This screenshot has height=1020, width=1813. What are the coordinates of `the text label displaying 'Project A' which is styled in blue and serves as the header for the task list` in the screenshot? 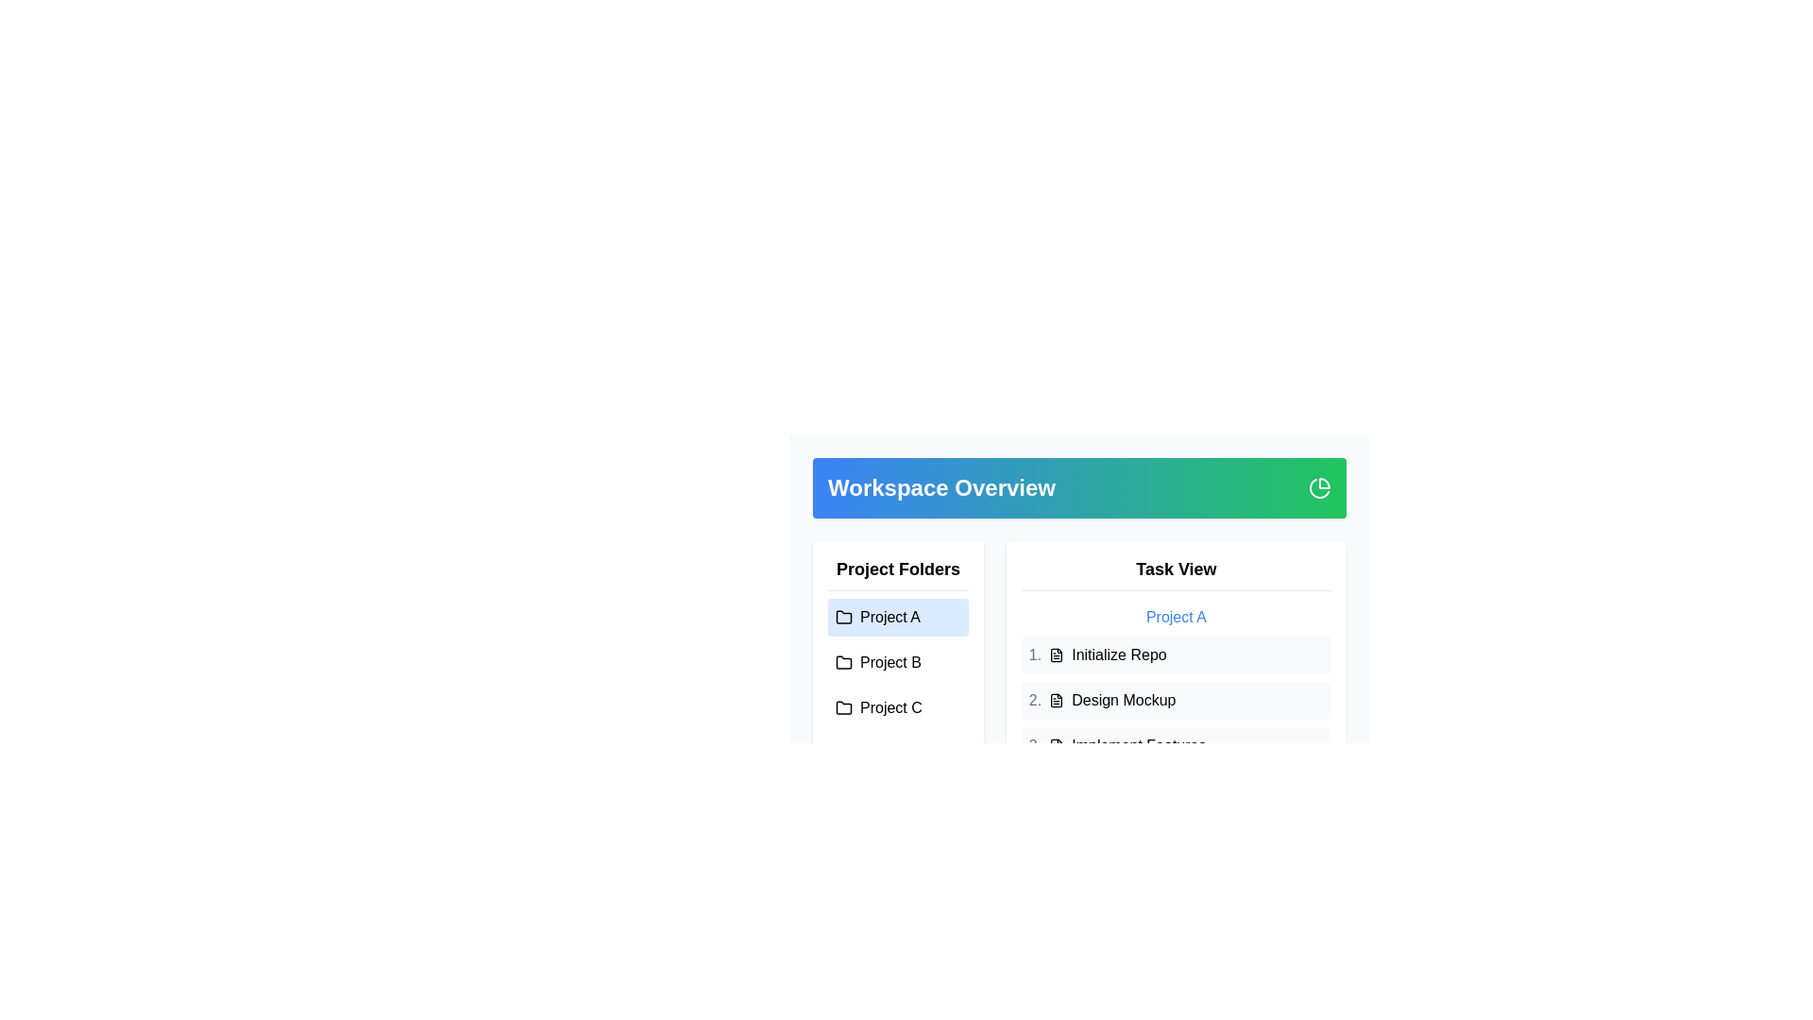 It's located at (1175, 618).